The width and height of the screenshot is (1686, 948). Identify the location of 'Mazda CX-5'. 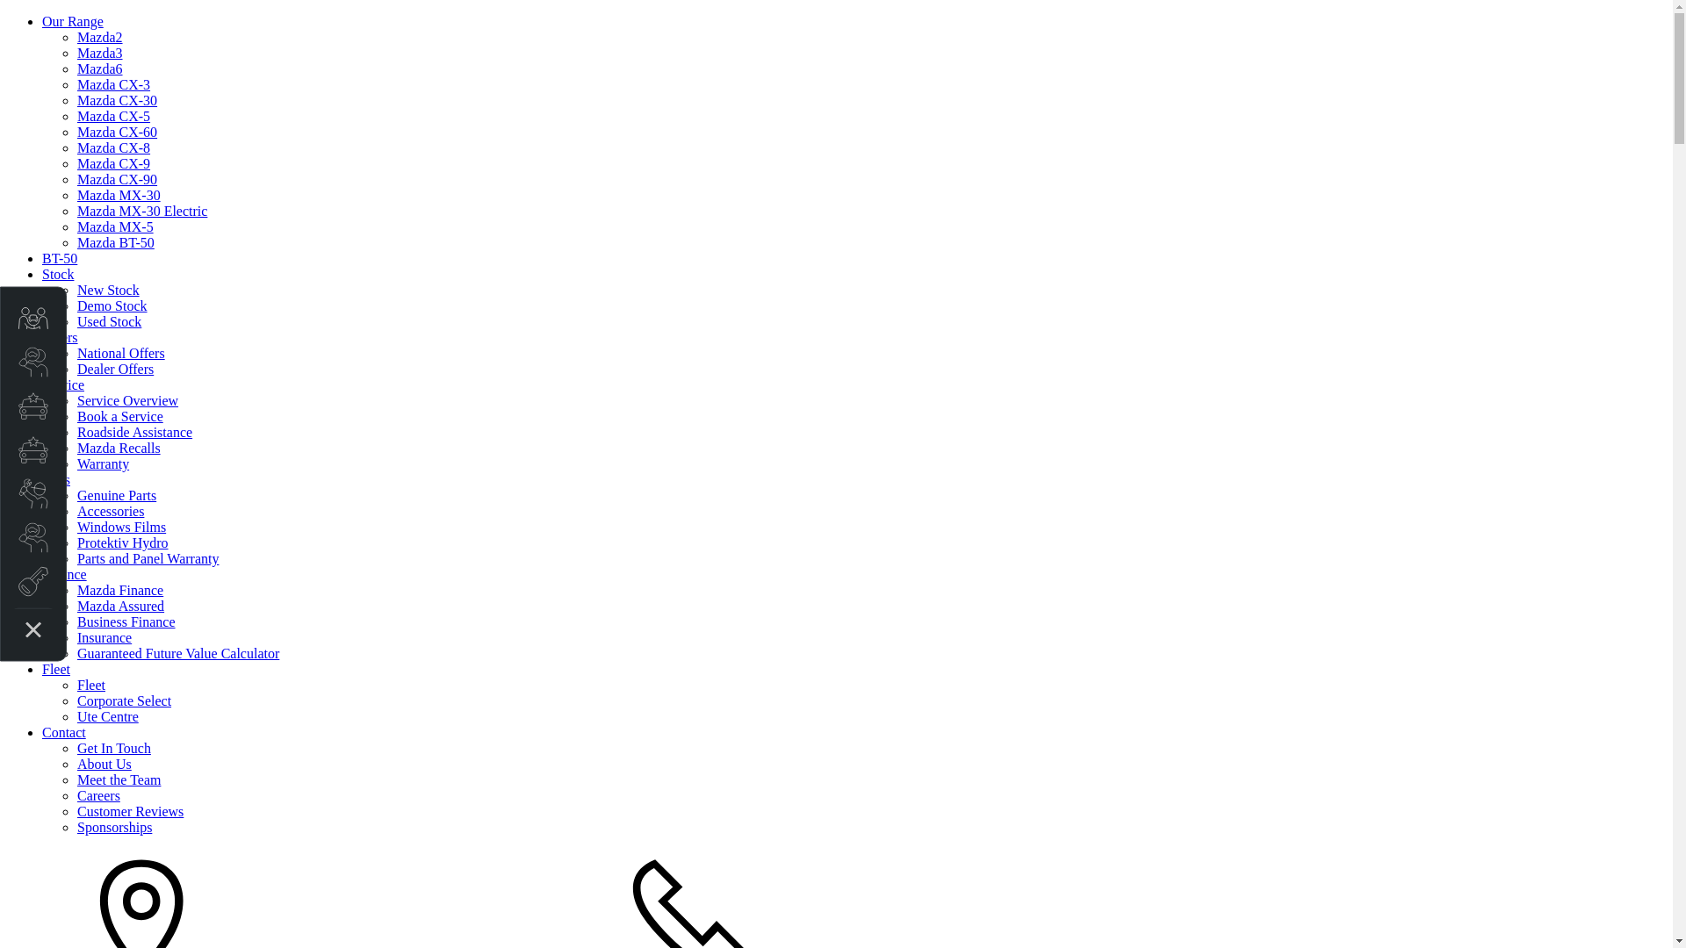
(76, 116).